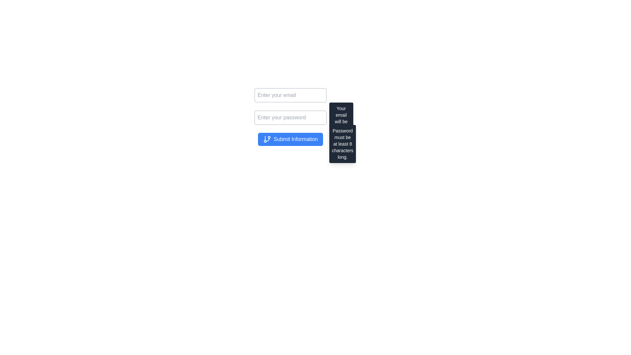 This screenshot has height=355, width=631. I want to click on the tooltip providing guidance for the email input field, which explains its use for recovery purposes, so click(341, 125).